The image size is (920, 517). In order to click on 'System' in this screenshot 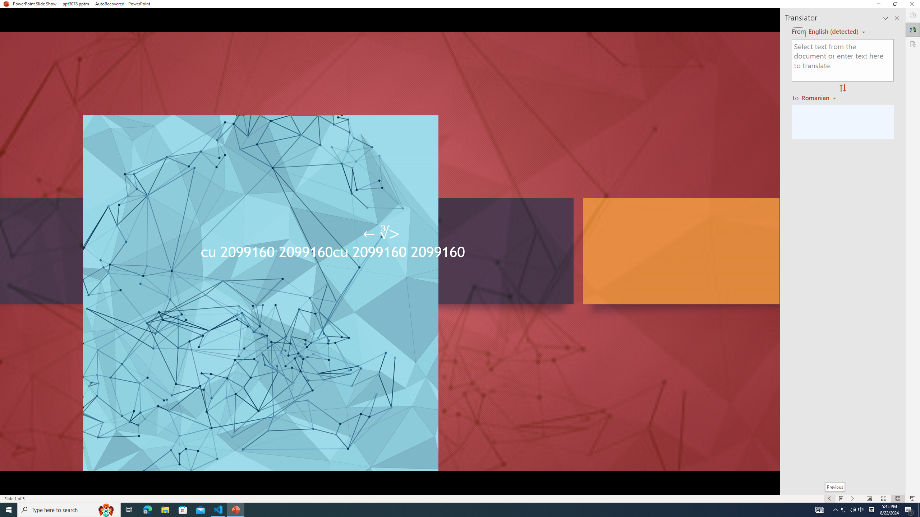, I will do `click(4, 3)`.